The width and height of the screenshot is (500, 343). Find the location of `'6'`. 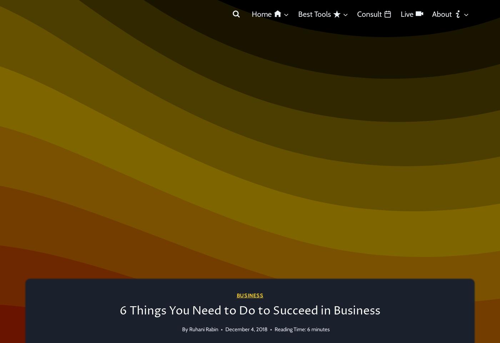

'6' is located at coordinates (309, 329).